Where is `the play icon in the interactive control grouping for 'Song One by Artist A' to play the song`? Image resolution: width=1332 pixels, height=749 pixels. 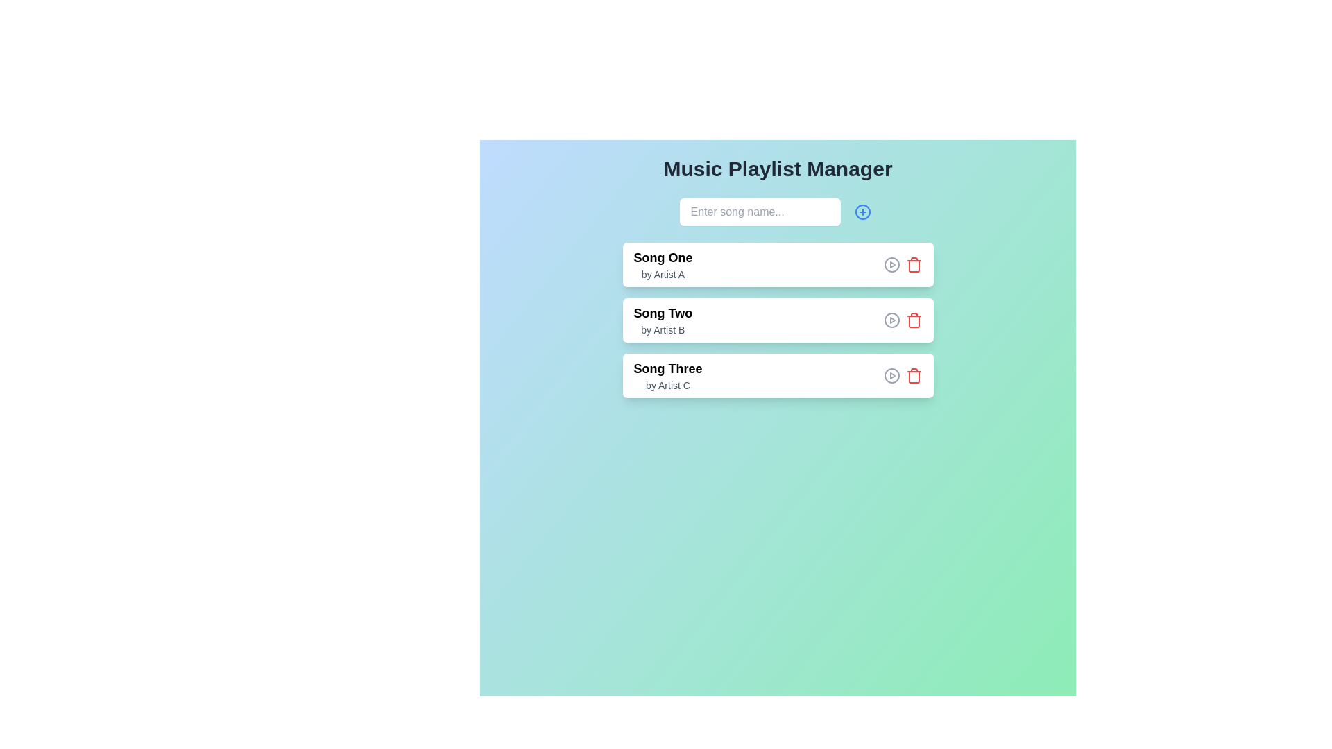 the play icon in the interactive control grouping for 'Song One by Artist A' to play the song is located at coordinates (903, 264).